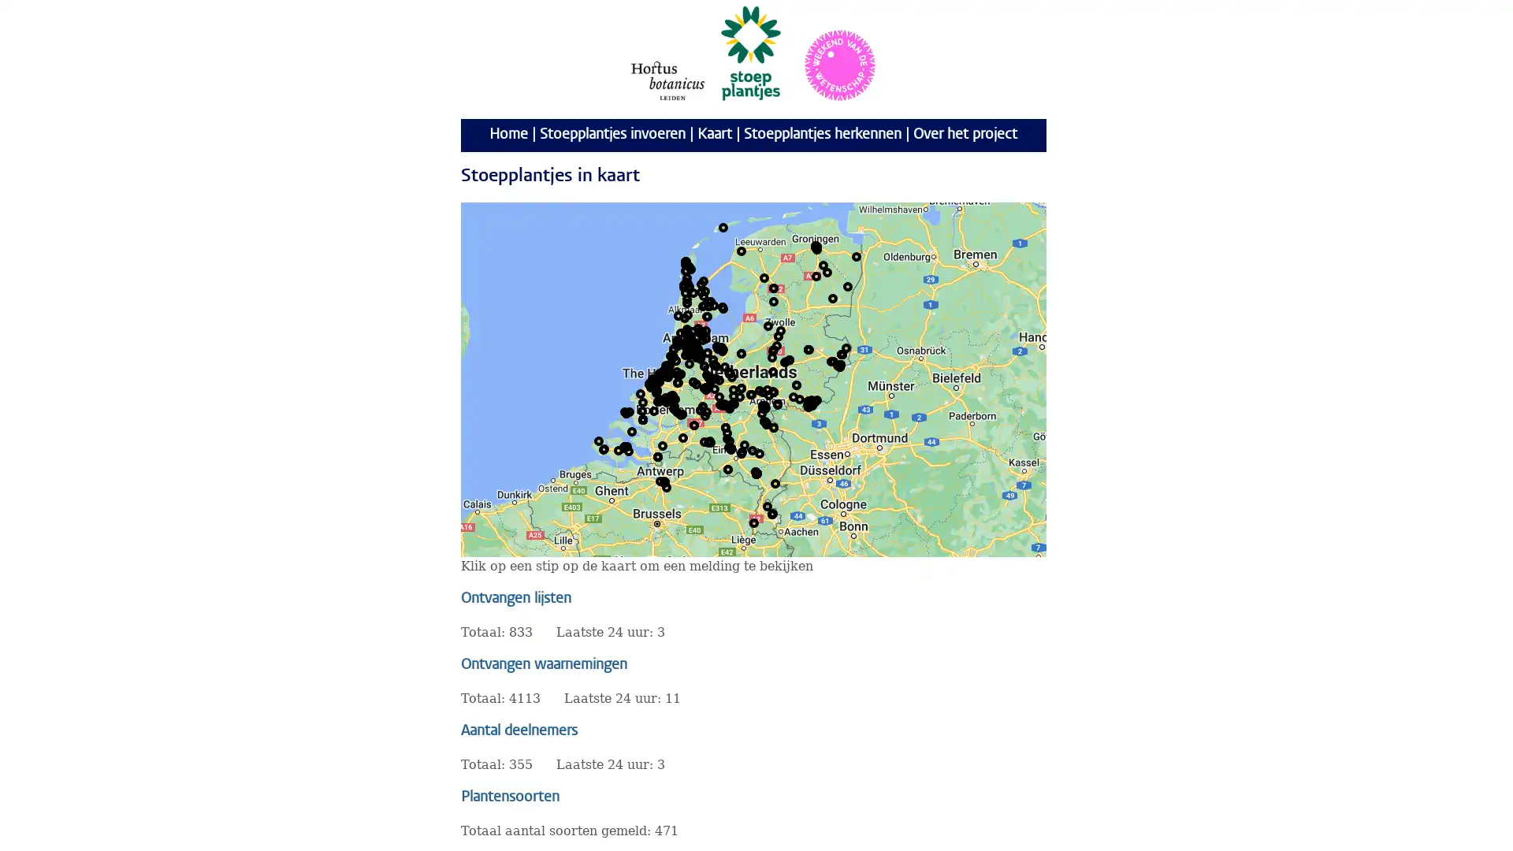 This screenshot has width=1513, height=851. I want to click on Telling van norah nieuwland op 03 juni 2022, so click(643, 418).